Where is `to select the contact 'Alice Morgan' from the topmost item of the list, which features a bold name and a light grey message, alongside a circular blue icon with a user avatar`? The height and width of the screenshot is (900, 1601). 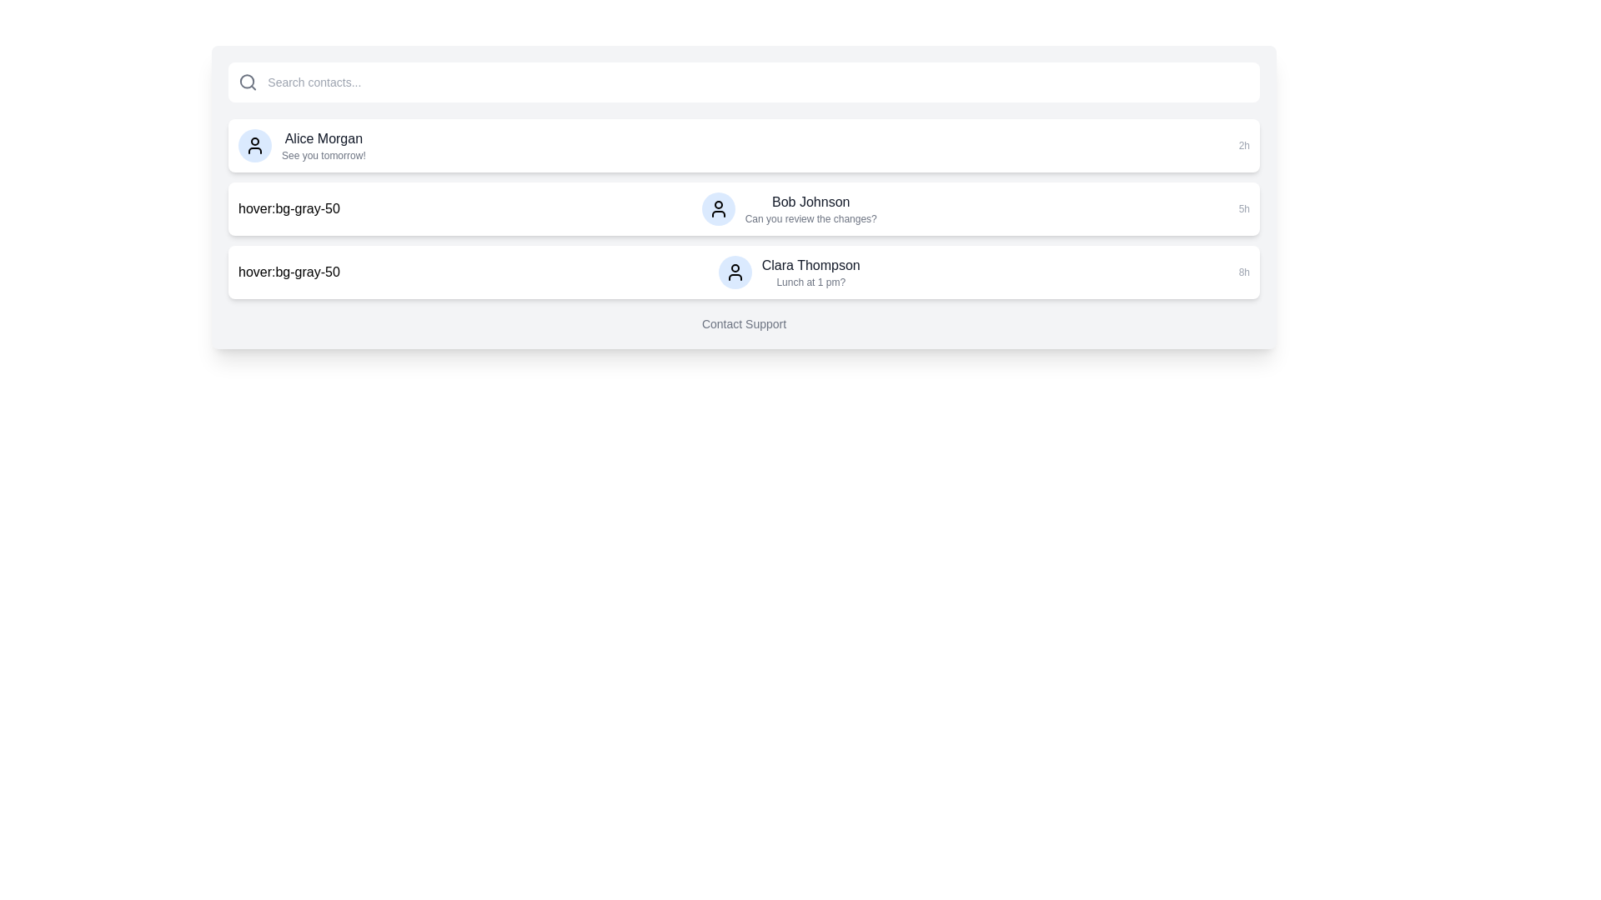
to select the contact 'Alice Morgan' from the topmost item of the list, which features a bold name and a light grey message, alongside a circular blue icon with a user avatar is located at coordinates (301, 144).